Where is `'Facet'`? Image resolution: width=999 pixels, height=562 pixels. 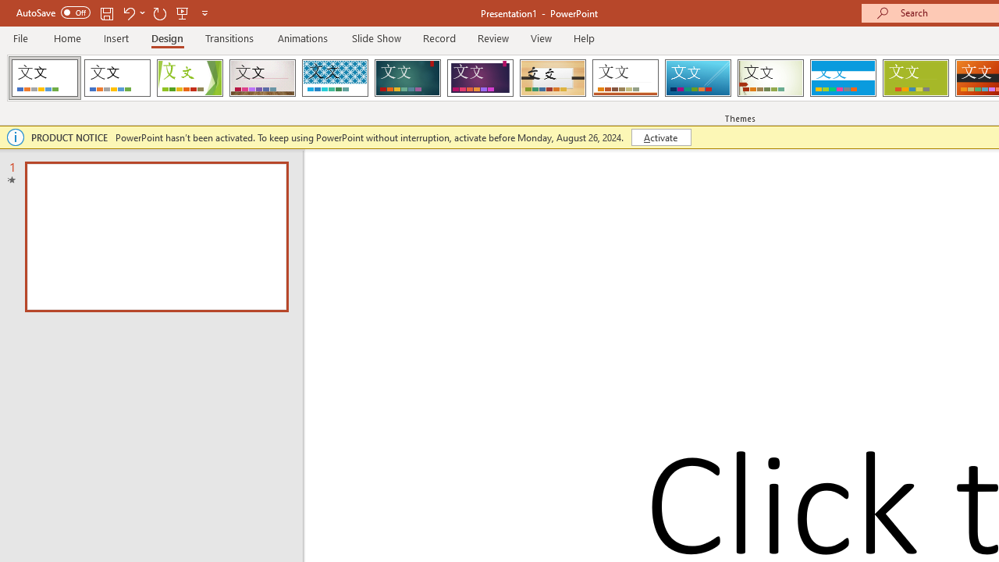 'Facet' is located at coordinates (189, 78).